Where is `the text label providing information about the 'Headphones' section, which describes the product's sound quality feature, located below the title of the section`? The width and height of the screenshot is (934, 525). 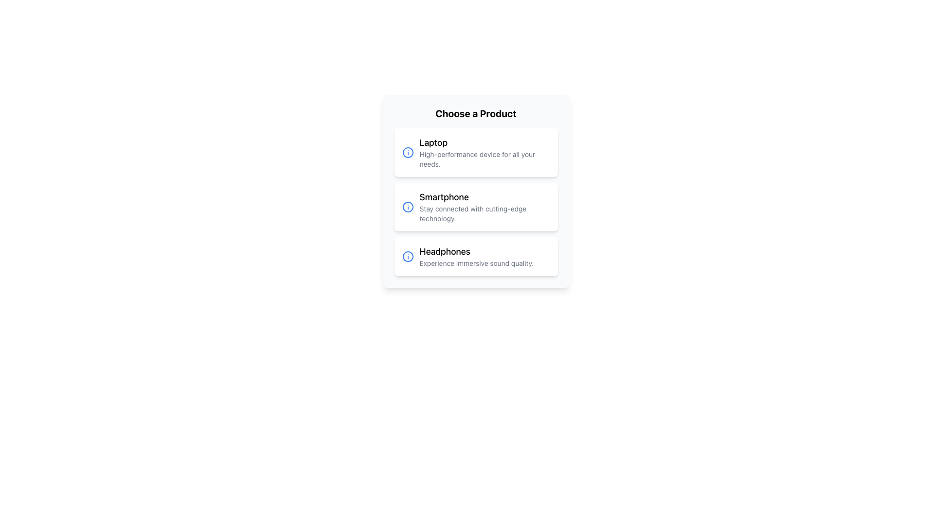
the text label providing information about the 'Headphones' section, which describes the product's sound quality feature, located below the title of the section is located at coordinates (485, 263).